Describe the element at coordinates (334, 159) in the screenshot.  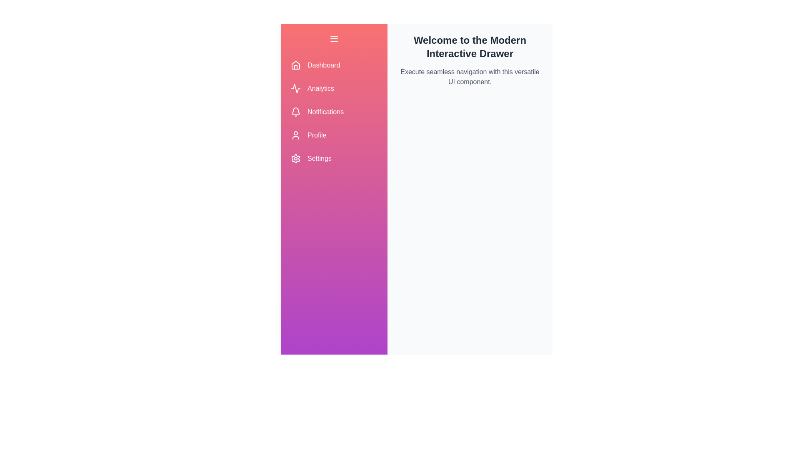
I see `the navigation item labeled Settings` at that location.